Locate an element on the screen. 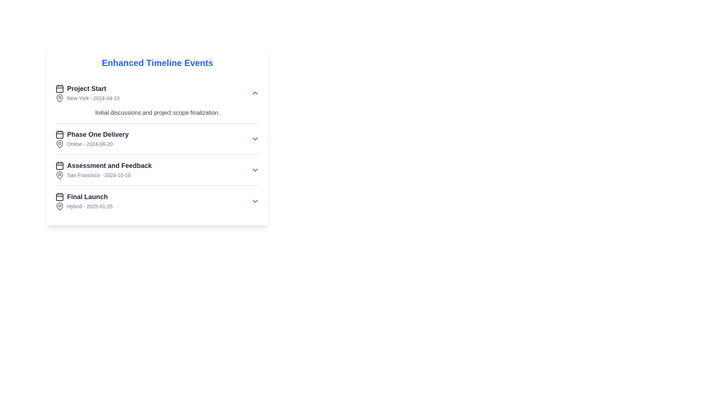  the SVG Rectangle that forms the body of the calendar layout, located in the 'Enhanced Timeline Events' section for the 'Final Launch' entry is located at coordinates (60, 197).